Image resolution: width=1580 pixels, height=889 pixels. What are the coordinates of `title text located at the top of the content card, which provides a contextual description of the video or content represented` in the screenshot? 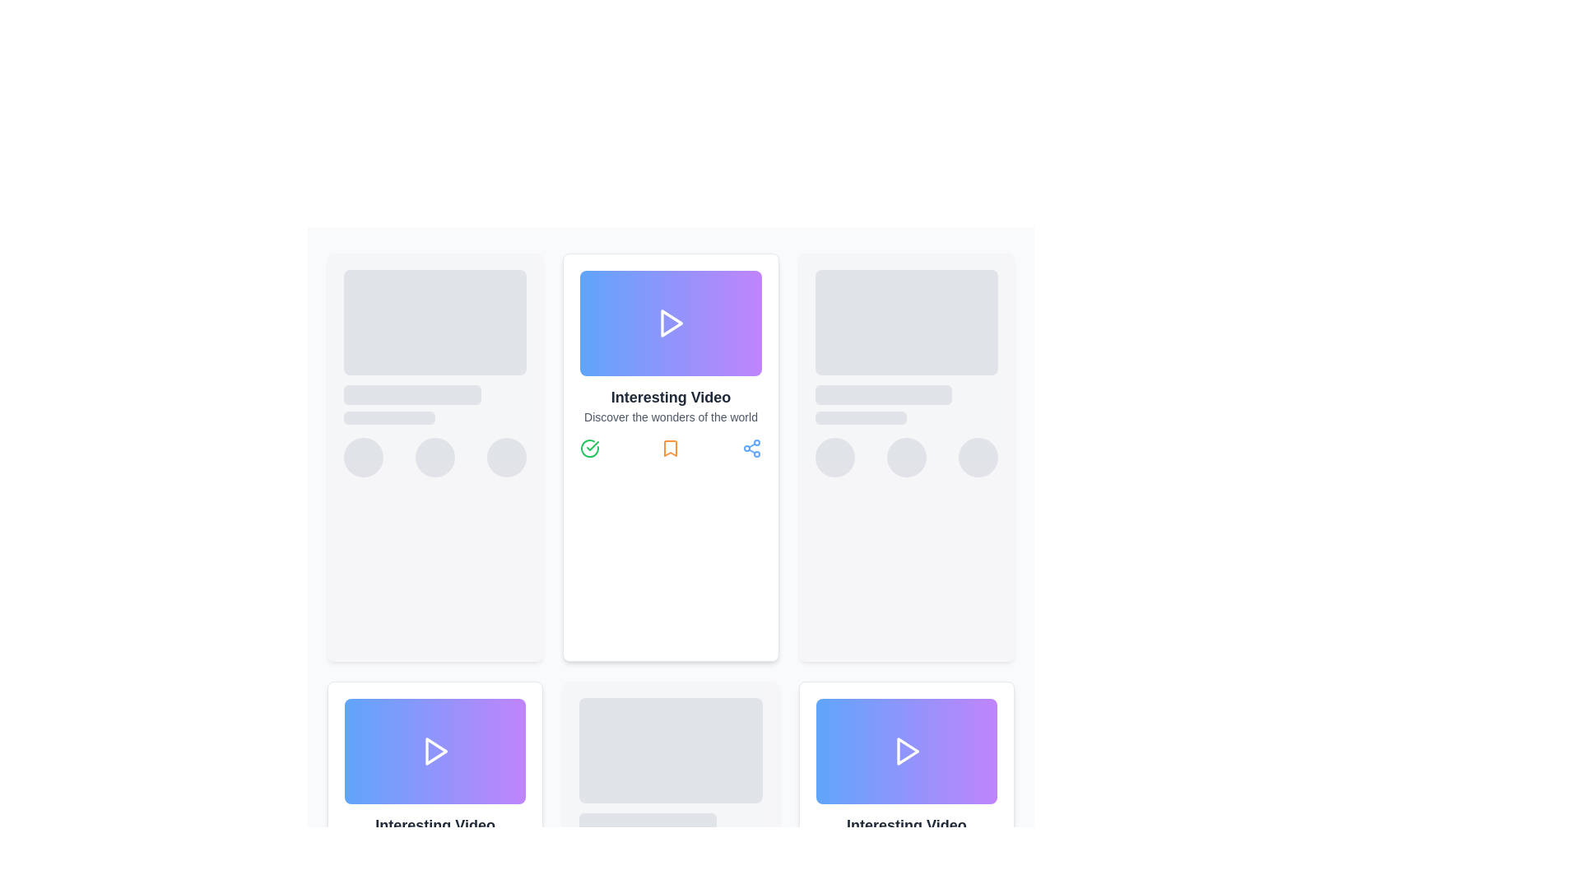 It's located at (671, 397).